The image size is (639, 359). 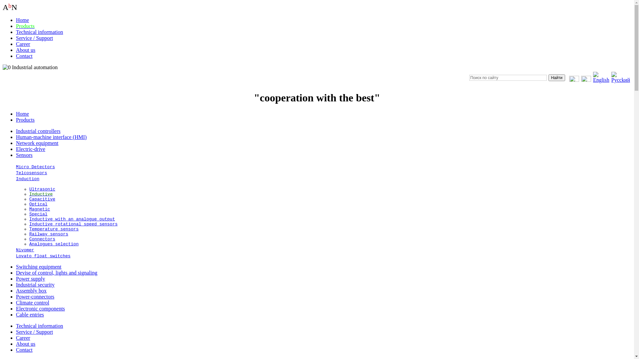 I want to click on 'Products', so click(x=25, y=26).